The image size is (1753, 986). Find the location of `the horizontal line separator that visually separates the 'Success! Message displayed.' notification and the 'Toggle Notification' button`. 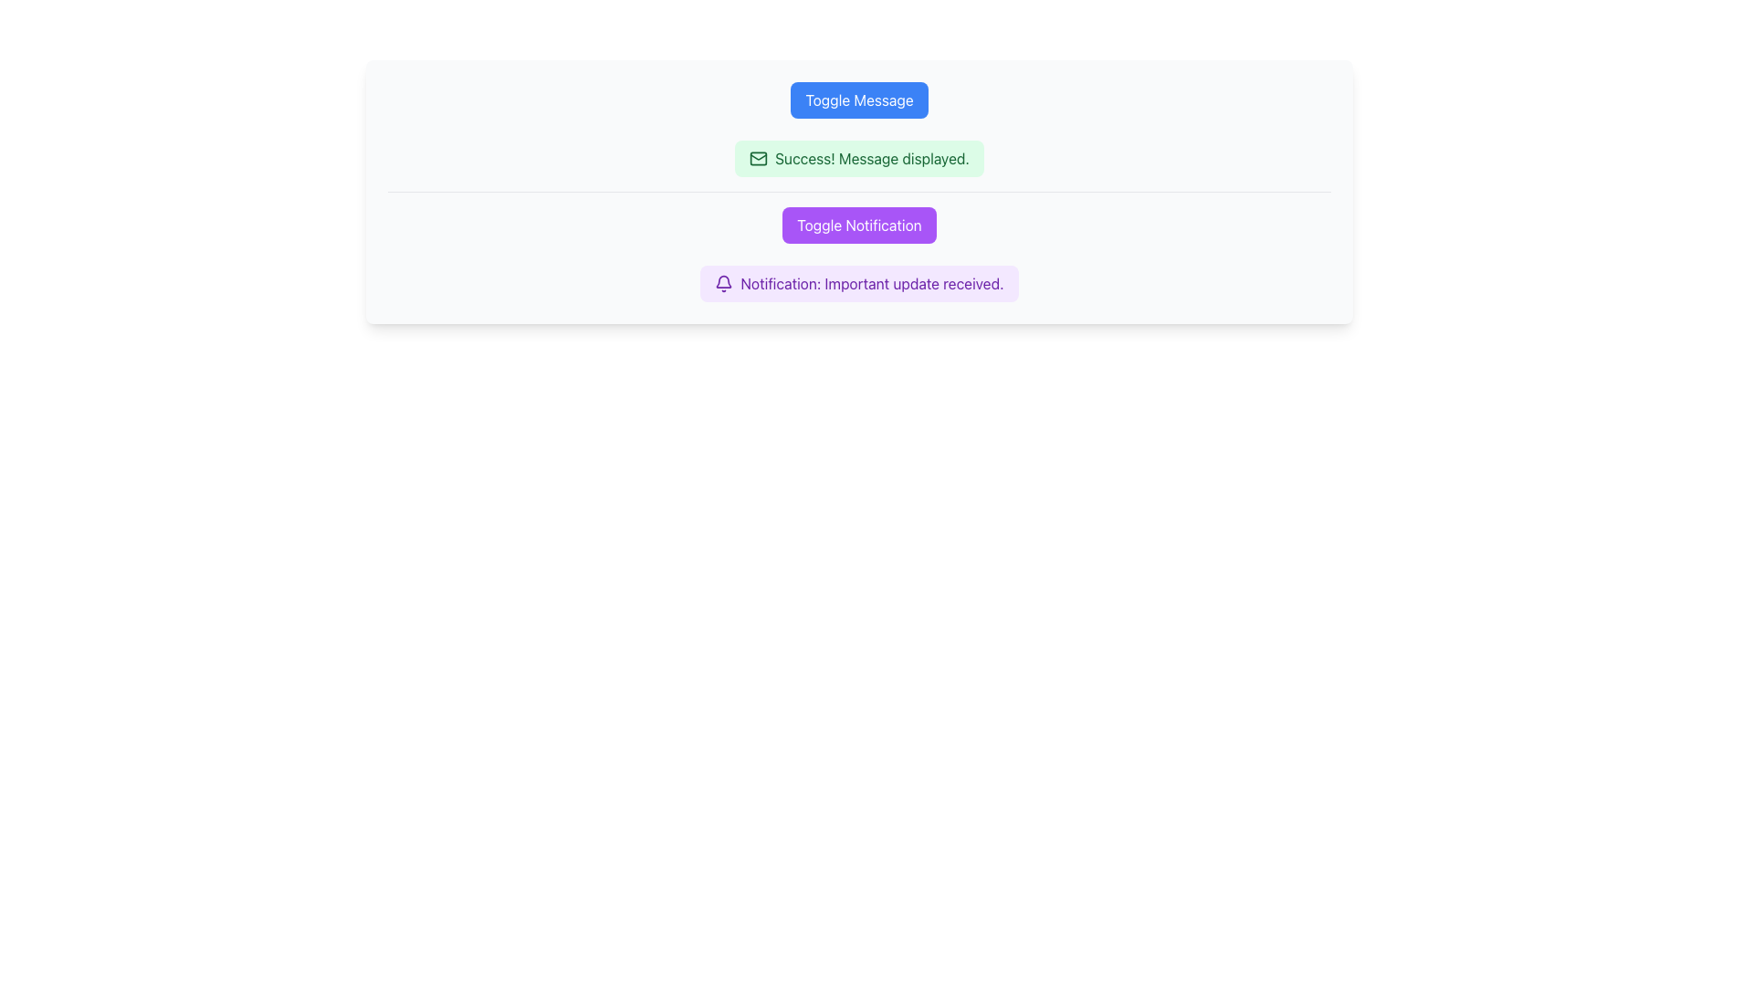

the horizontal line separator that visually separates the 'Success! Message displayed.' notification and the 'Toggle Notification' button is located at coordinates (858, 192).